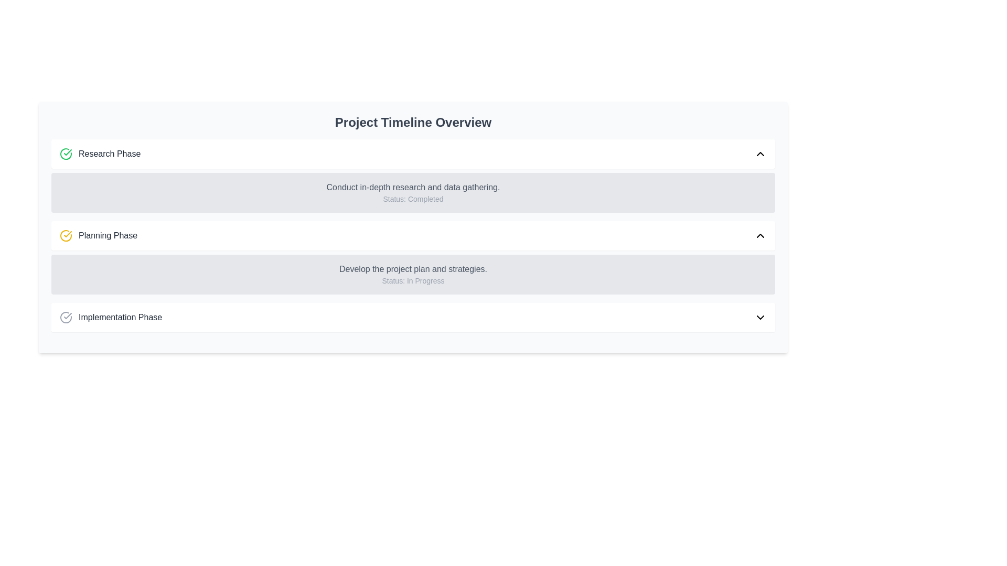 This screenshot has width=1007, height=566. What do you see at coordinates (108, 236) in the screenshot?
I see `the text label that reads 'Planning Phase', which is styled with a bold font and positioned next to a yellow circular check mark icon` at bounding box center [108, 236].